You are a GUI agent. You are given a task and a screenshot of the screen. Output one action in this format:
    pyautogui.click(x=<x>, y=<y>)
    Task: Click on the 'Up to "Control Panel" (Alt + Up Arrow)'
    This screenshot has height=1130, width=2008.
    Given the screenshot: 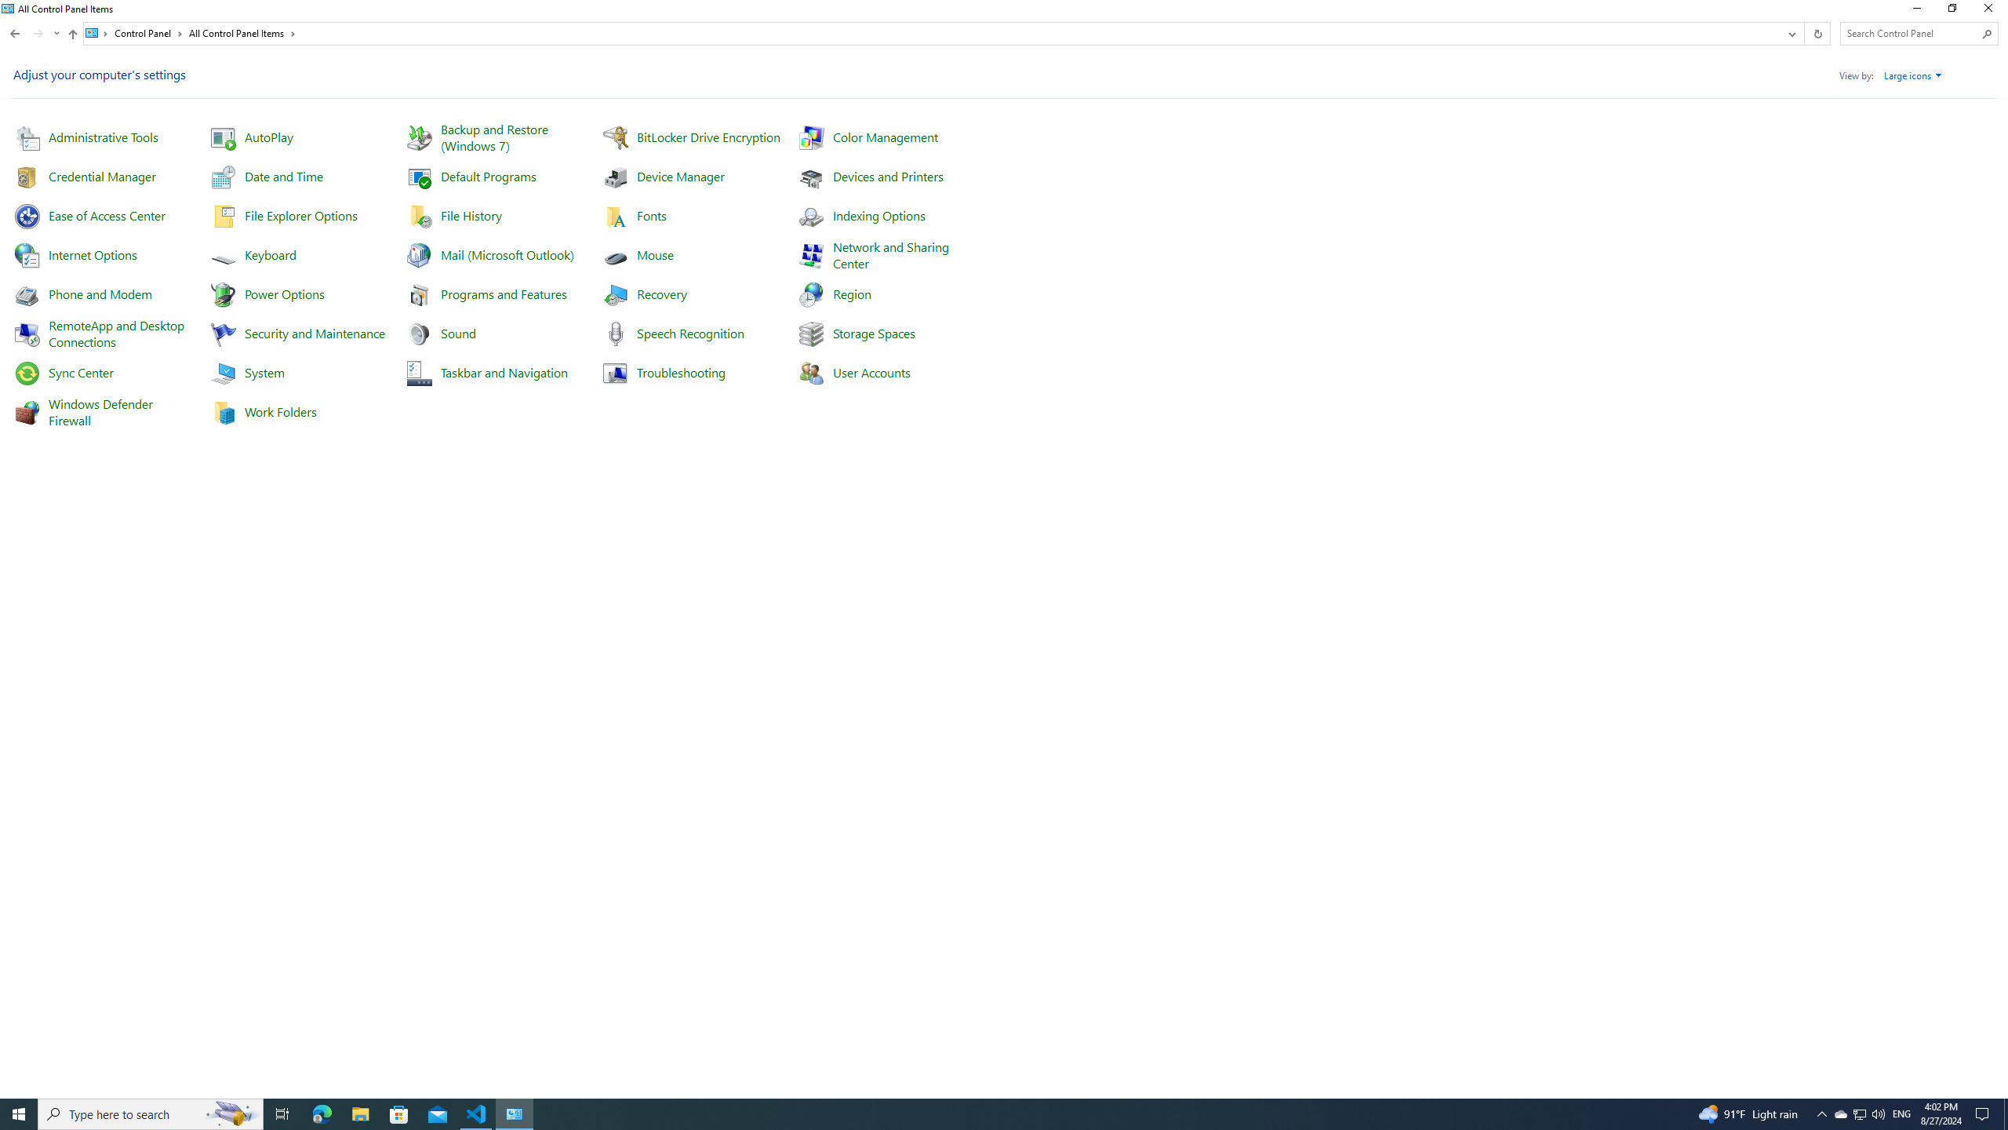 What is the action you would take?
    pyautogui.click(x=73, y=33)
    